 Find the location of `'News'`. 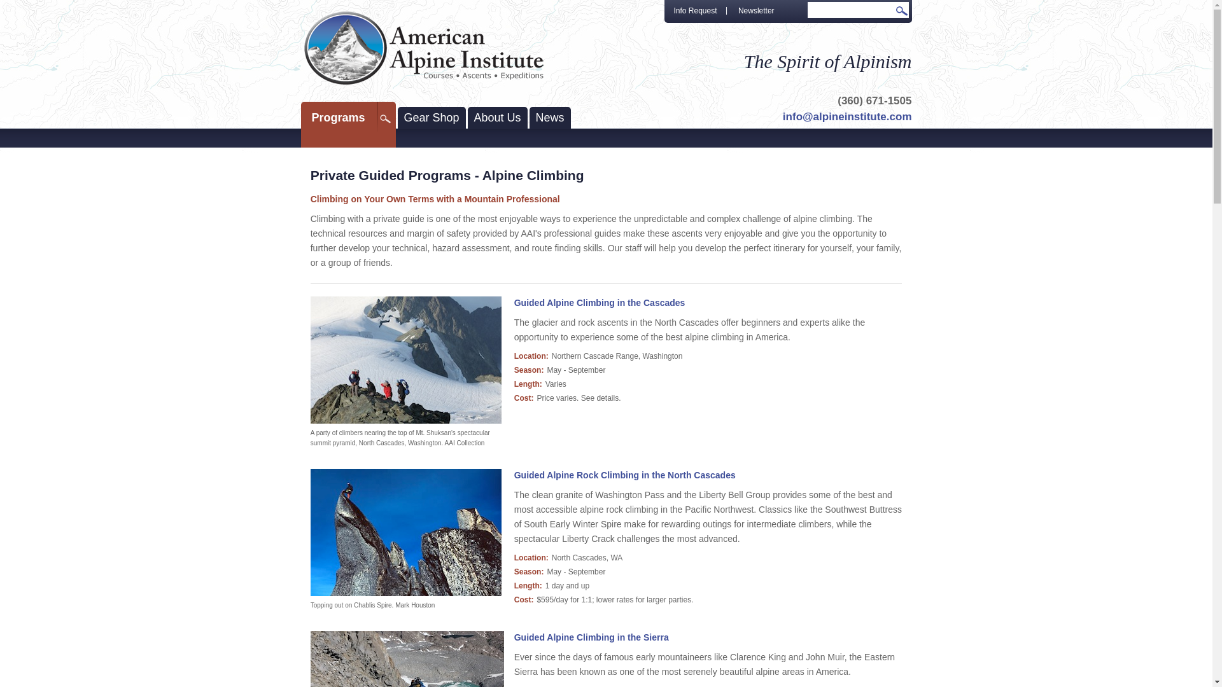

'News' is located at coordinates (550, 118).